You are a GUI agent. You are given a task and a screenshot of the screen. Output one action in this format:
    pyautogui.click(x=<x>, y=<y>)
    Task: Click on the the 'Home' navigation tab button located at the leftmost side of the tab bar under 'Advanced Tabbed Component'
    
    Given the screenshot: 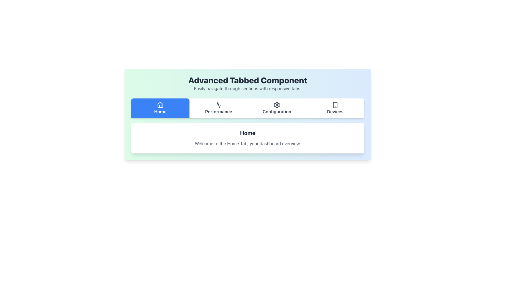 What is the action you would take?
    pyautogui.click(x=160, y=108)
    